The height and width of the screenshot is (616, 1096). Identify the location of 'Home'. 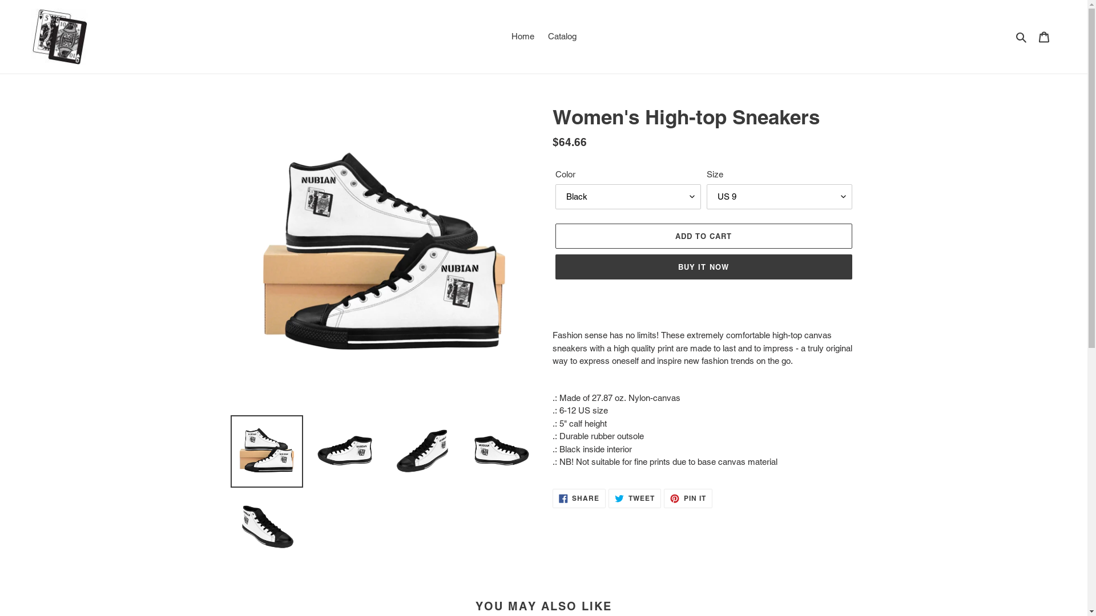
(522, 36).